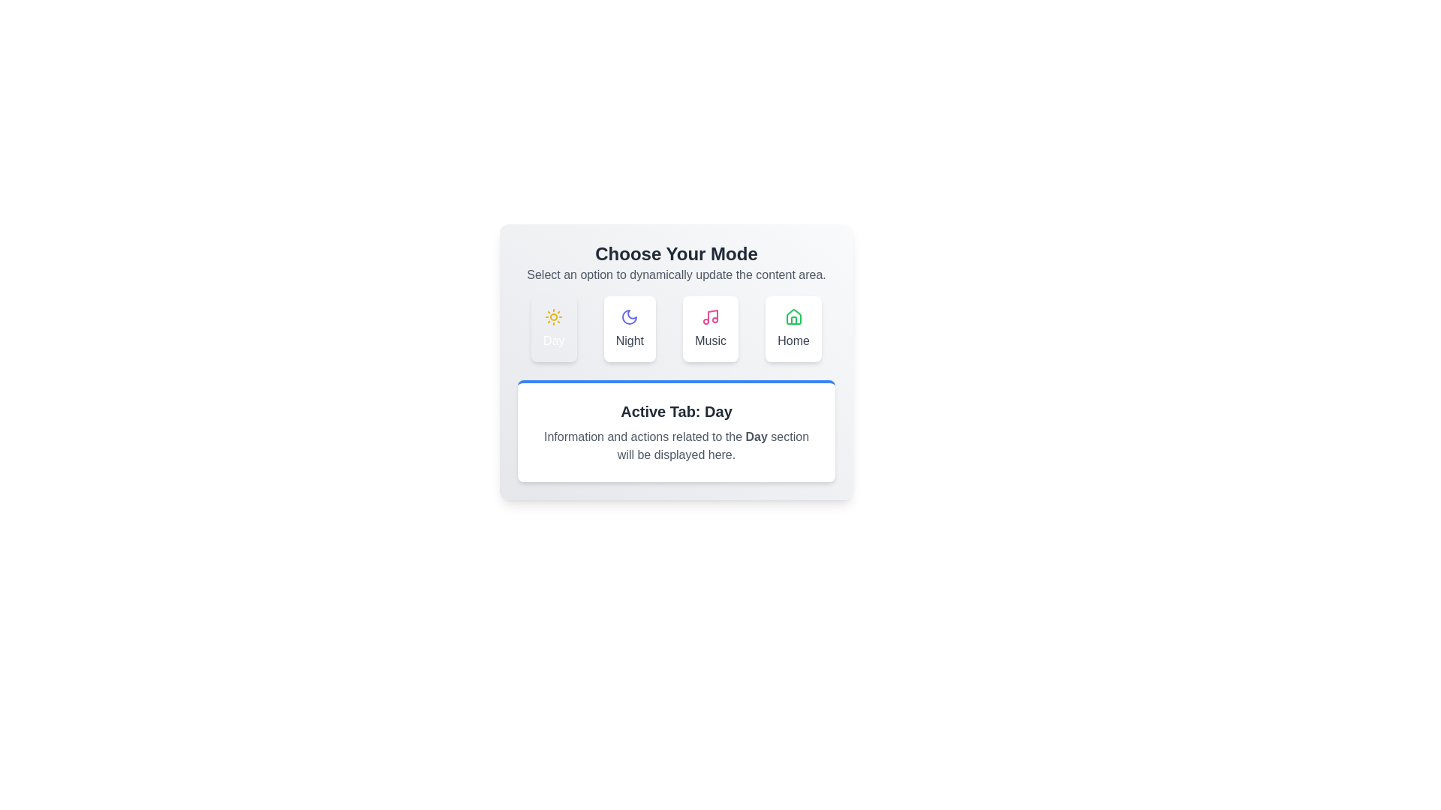  Describe the element at coordinates (793, 328) in the screenshot. I see `the 'Home' button, which features a green house outline icon and the text 'Home' below it` at that location.